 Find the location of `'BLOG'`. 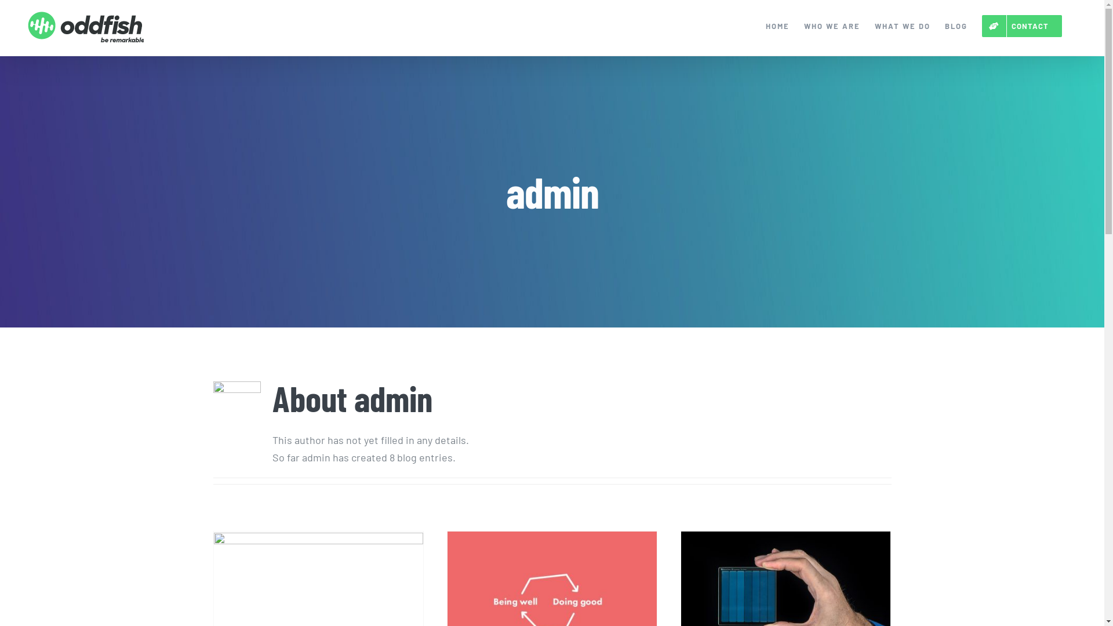

'BLOG' is located at coordinates (945, 26).